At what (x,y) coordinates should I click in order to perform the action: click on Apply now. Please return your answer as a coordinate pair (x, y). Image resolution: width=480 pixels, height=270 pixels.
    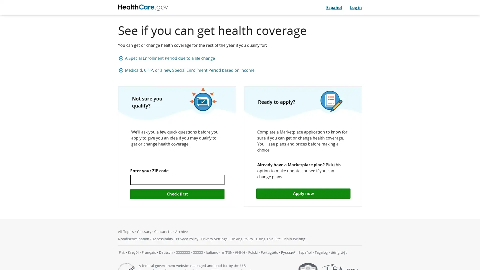
    Looking at the image, I should click on (303, 193).